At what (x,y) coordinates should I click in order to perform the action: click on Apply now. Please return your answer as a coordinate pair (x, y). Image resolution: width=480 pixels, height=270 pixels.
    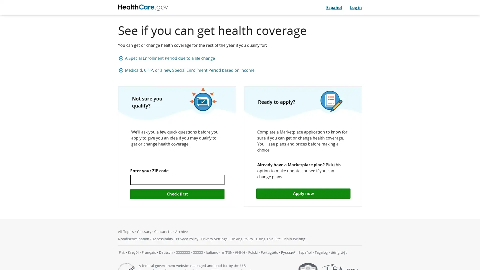
    Looking at the image, I should click on (303, 193).